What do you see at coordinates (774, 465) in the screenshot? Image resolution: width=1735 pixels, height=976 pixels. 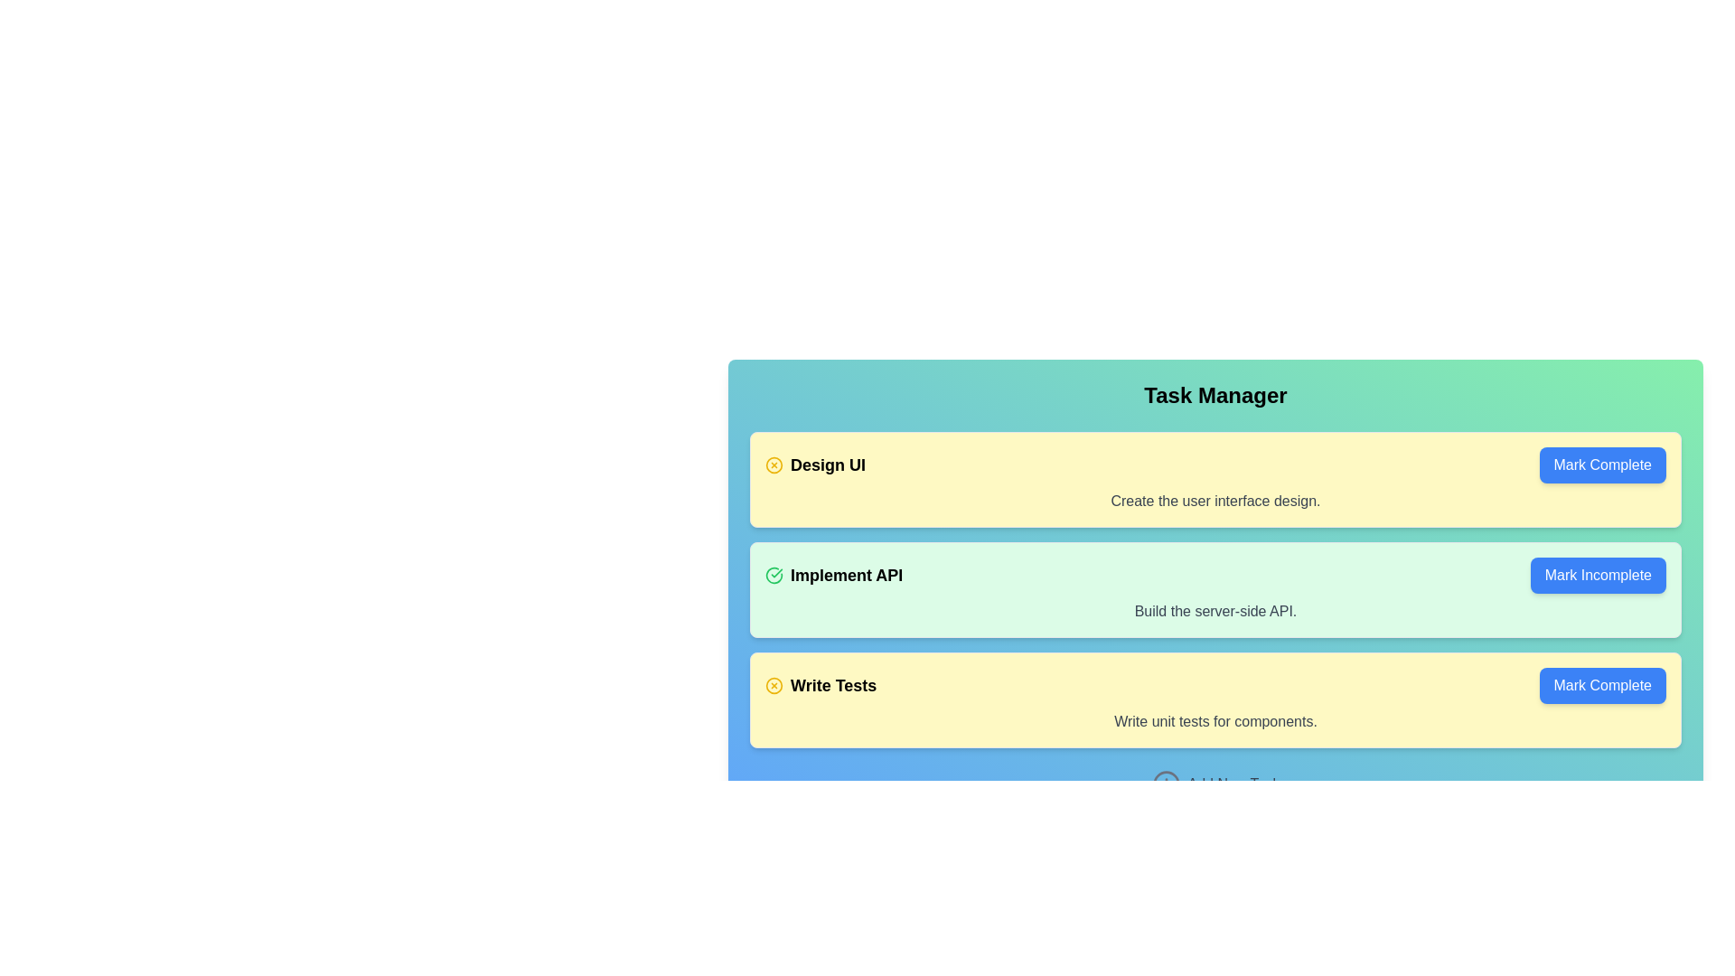 I see `the leading icon that signifies the incomplete or failed state of the 'Design UI' task, located in the top-left corner of the task list` at bounding box center [774, 465].